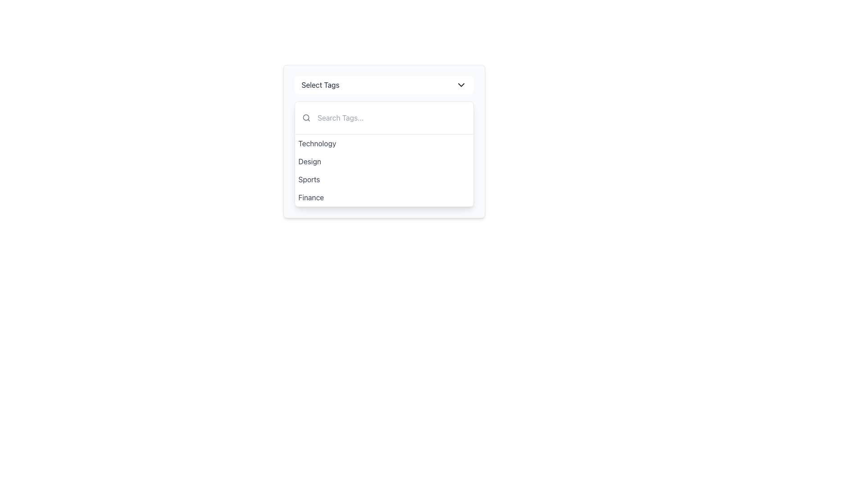  I want to click on the 'Sports' button, which is the third selectable option in the drop-down list of tags, located below 'Design' and above 'Finance', so click(384, 179).